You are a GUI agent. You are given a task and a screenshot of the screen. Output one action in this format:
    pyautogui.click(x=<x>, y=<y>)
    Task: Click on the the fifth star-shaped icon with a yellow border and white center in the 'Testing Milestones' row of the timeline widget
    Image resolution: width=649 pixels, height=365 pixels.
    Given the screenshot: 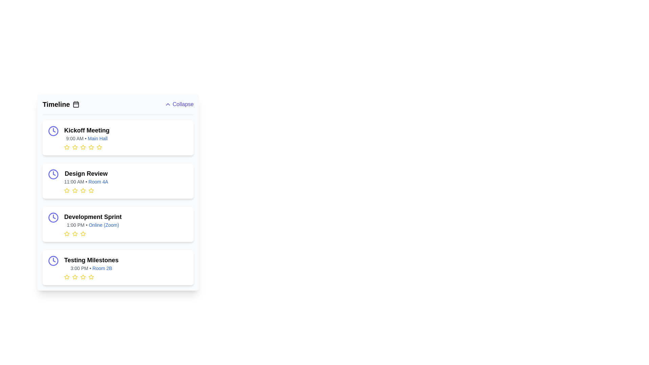 What is the action you would take?
    pyautogui.click(x=91, y=277)
    